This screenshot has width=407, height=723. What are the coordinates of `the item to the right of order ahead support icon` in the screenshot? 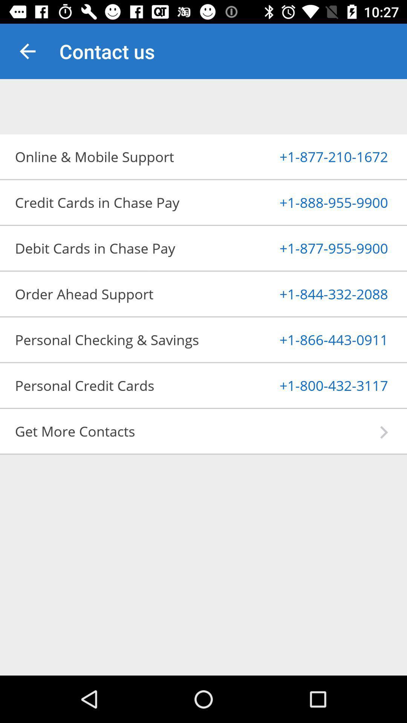 It's located at (315, 293).